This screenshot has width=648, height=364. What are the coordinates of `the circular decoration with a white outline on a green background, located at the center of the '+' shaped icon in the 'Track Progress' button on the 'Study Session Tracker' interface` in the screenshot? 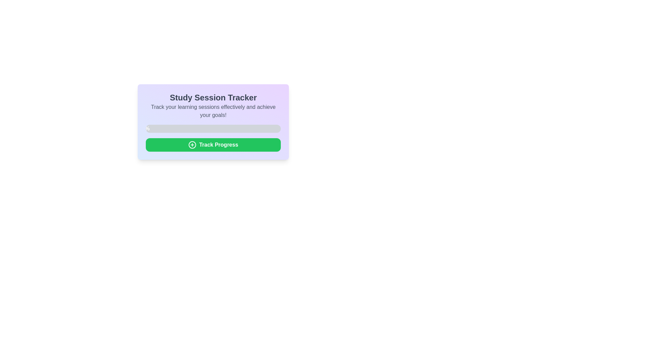 It's located at (192, 144).